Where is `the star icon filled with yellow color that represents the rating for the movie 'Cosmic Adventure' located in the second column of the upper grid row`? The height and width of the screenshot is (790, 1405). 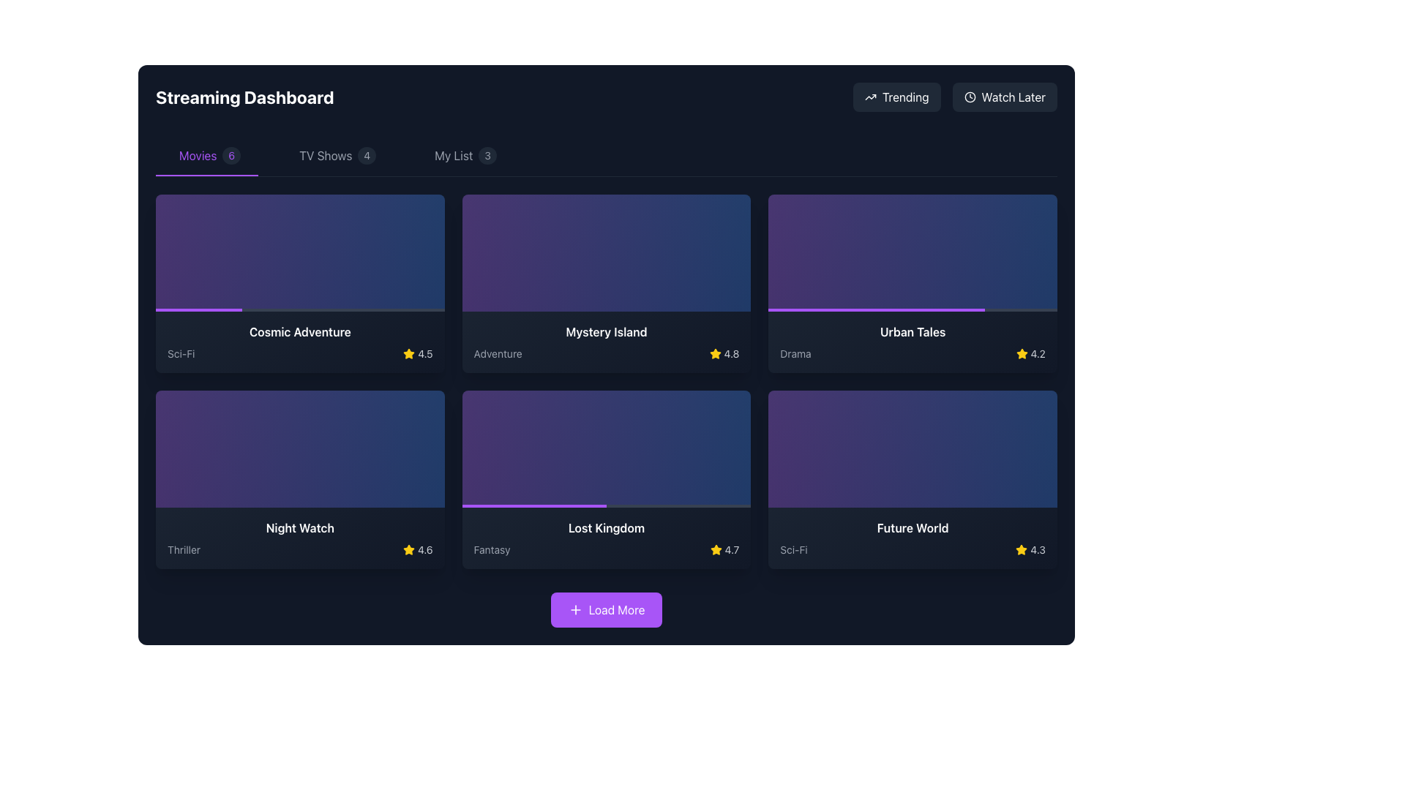 the star icon filled with yellow color that represents the rating for the movie 'Cosmic Adventure' located in the second column of the upper grid row is located at coordinates (409, 353).